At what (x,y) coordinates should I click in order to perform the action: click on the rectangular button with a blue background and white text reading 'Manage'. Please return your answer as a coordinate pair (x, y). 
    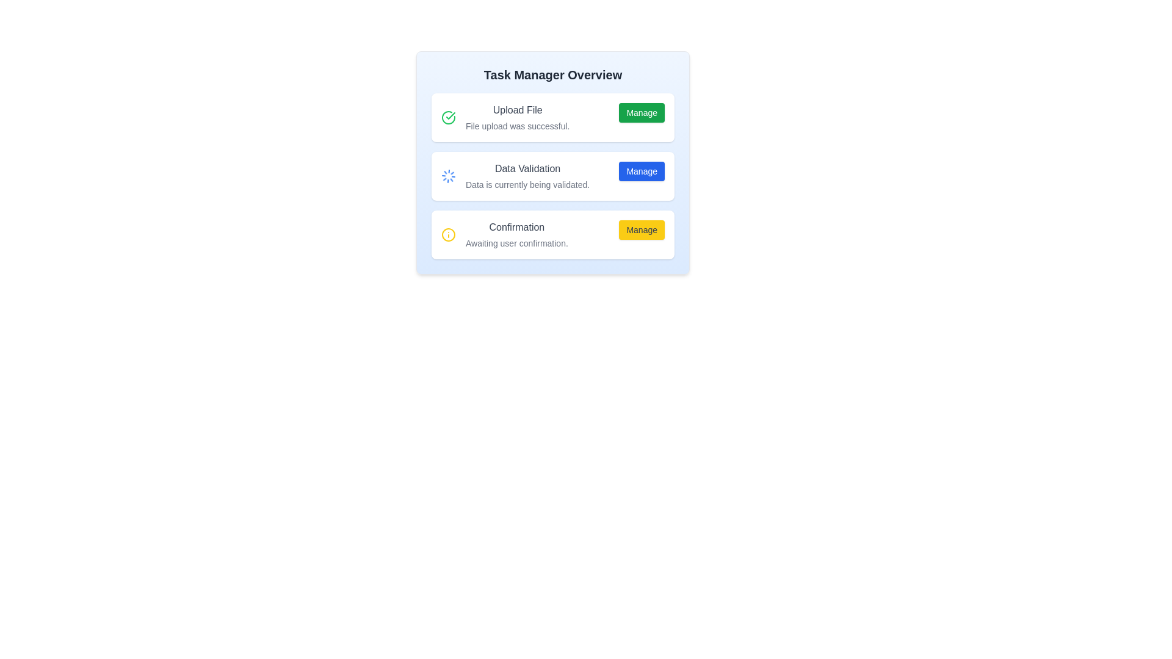
    Looking at the image, I should click on (641, 171).